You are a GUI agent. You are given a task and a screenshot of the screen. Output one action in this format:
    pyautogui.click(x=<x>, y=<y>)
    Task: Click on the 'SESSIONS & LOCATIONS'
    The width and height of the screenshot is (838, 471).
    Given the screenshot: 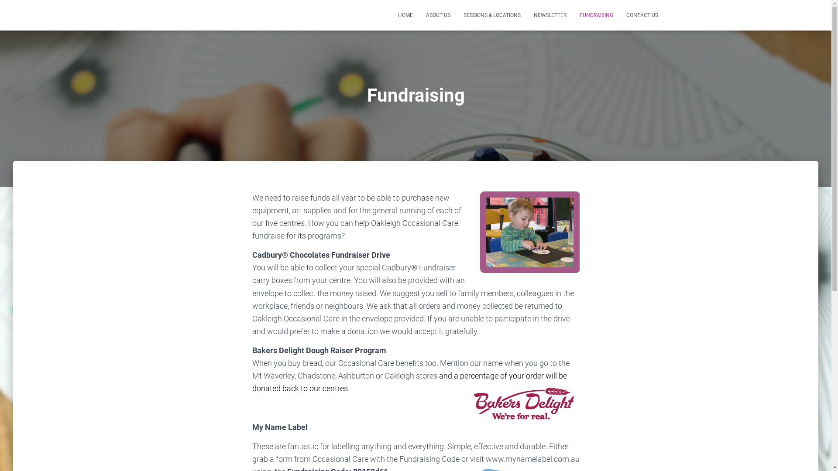 What is the action you would take?
    pyautogui.click(x=491, y=15)
    